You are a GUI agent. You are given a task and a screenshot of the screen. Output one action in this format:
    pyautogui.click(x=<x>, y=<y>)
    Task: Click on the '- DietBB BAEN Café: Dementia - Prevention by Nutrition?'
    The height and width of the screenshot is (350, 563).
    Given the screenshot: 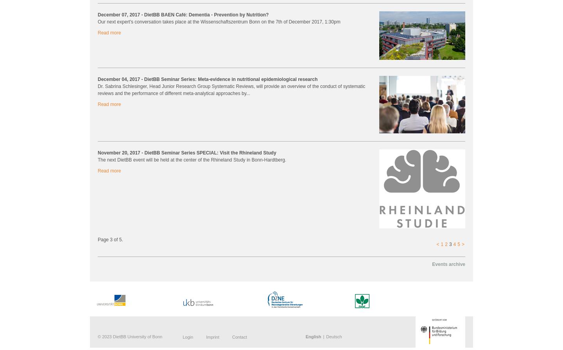 What is the action you would take?
    pyautogui.click(x=204, y=14)
    